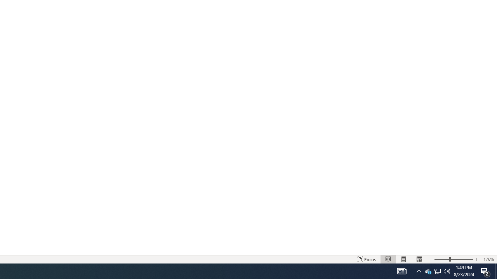 This screenshot has height=279, width=497. I want to click on 'Decrease Text Size', so click(430, 259).